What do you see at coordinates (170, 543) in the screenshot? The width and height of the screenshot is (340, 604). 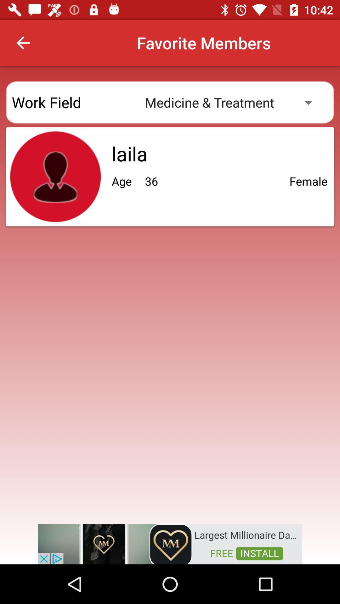 I see `advertisement` at bounding box center [170, 543].